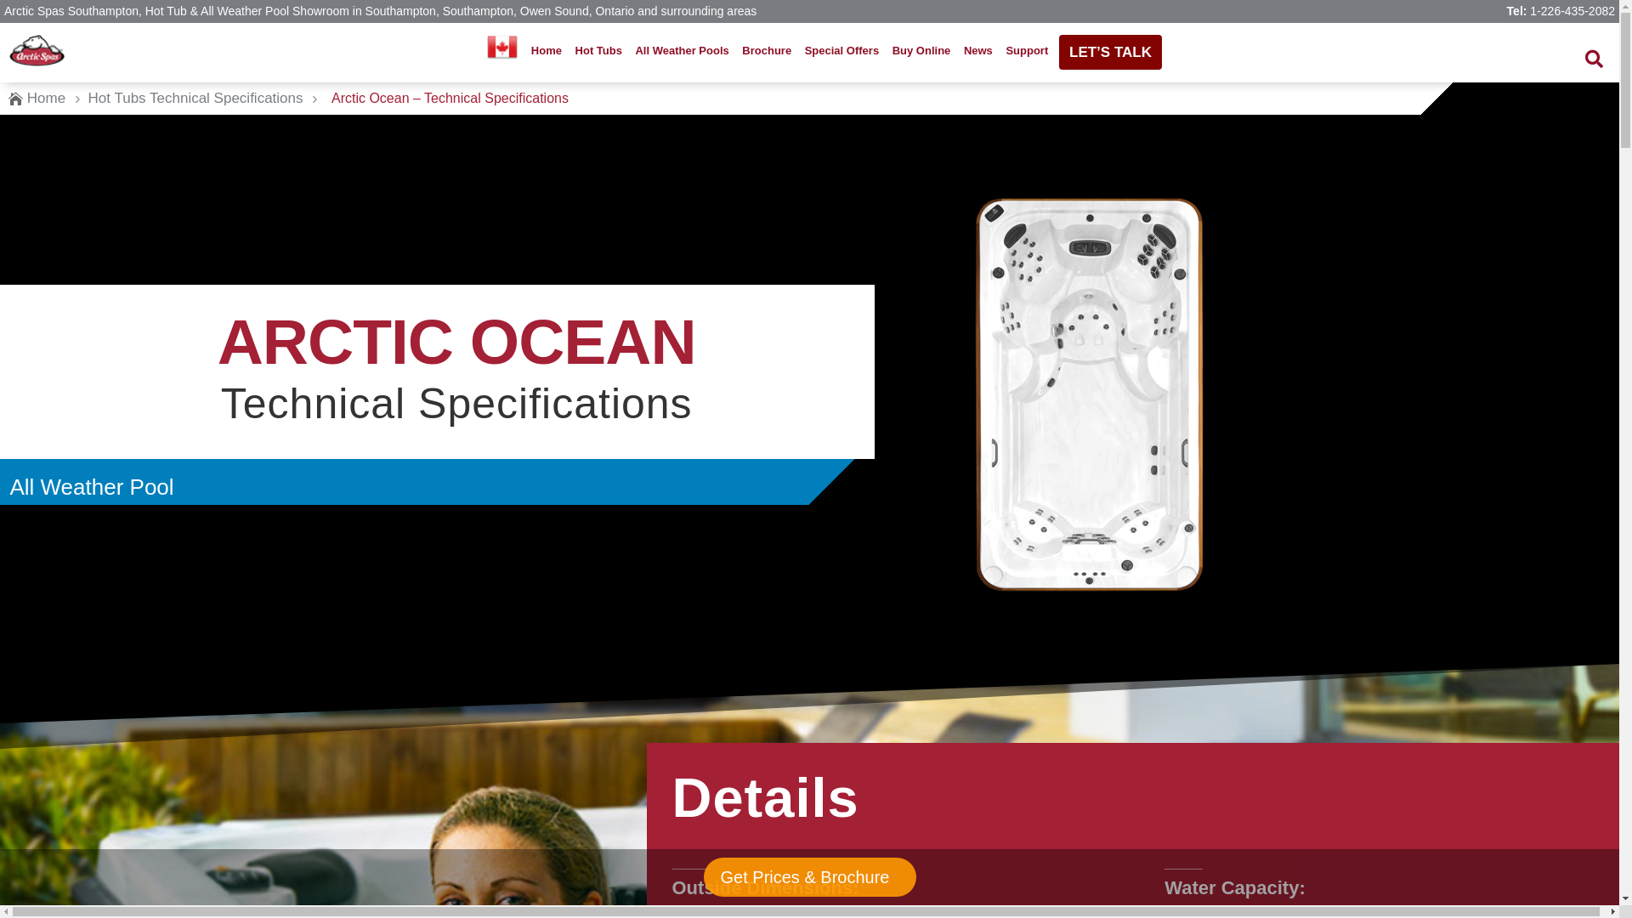 This screenshot has width=1632, height=918. Describe the element at coordinates (349, 877) in the screenshot. I see `'Get Prices & Brochure'` at that location.